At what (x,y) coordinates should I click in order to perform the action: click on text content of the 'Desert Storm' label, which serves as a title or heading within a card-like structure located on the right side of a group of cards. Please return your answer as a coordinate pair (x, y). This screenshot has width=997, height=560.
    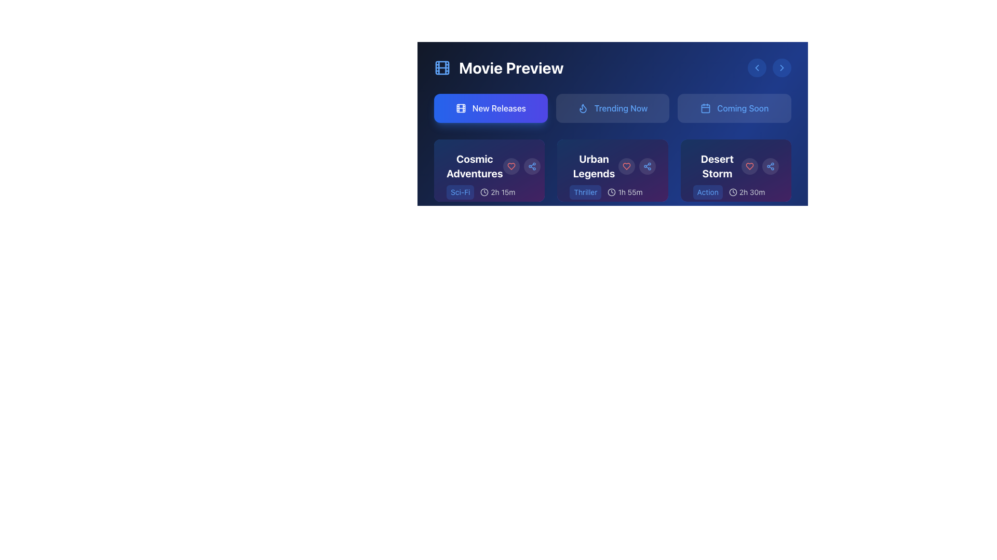
    Looking at the image, I should click on (717, 165).